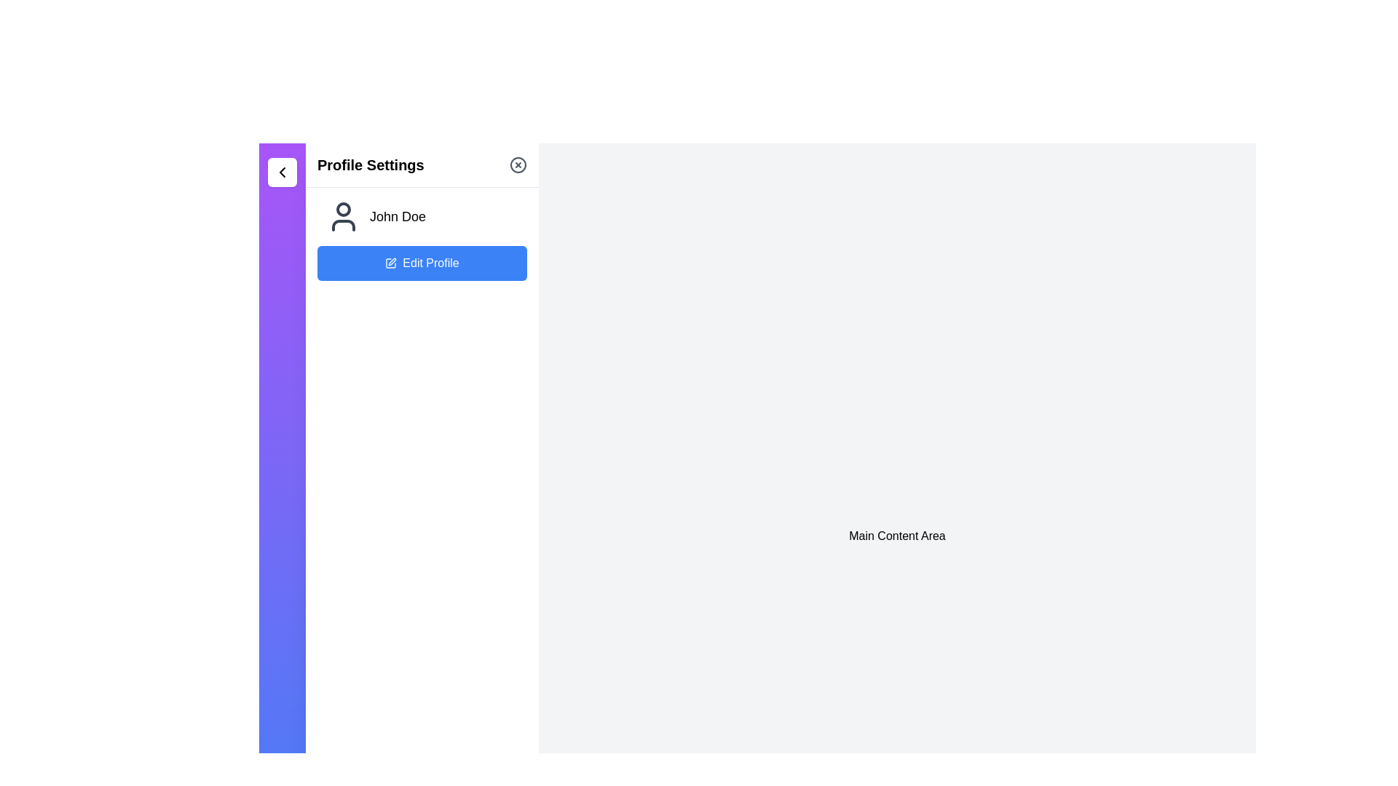 The height and width of the screenshot is (786, 1398). What do you see at coordinates (283, 171) in the screenshot?
I see `the button containing the leftward-pointing chevron icon with rounded edges and a black outline, located on the purple sidebar near the top-left corner of the interface` at bounding box center [283, 171].